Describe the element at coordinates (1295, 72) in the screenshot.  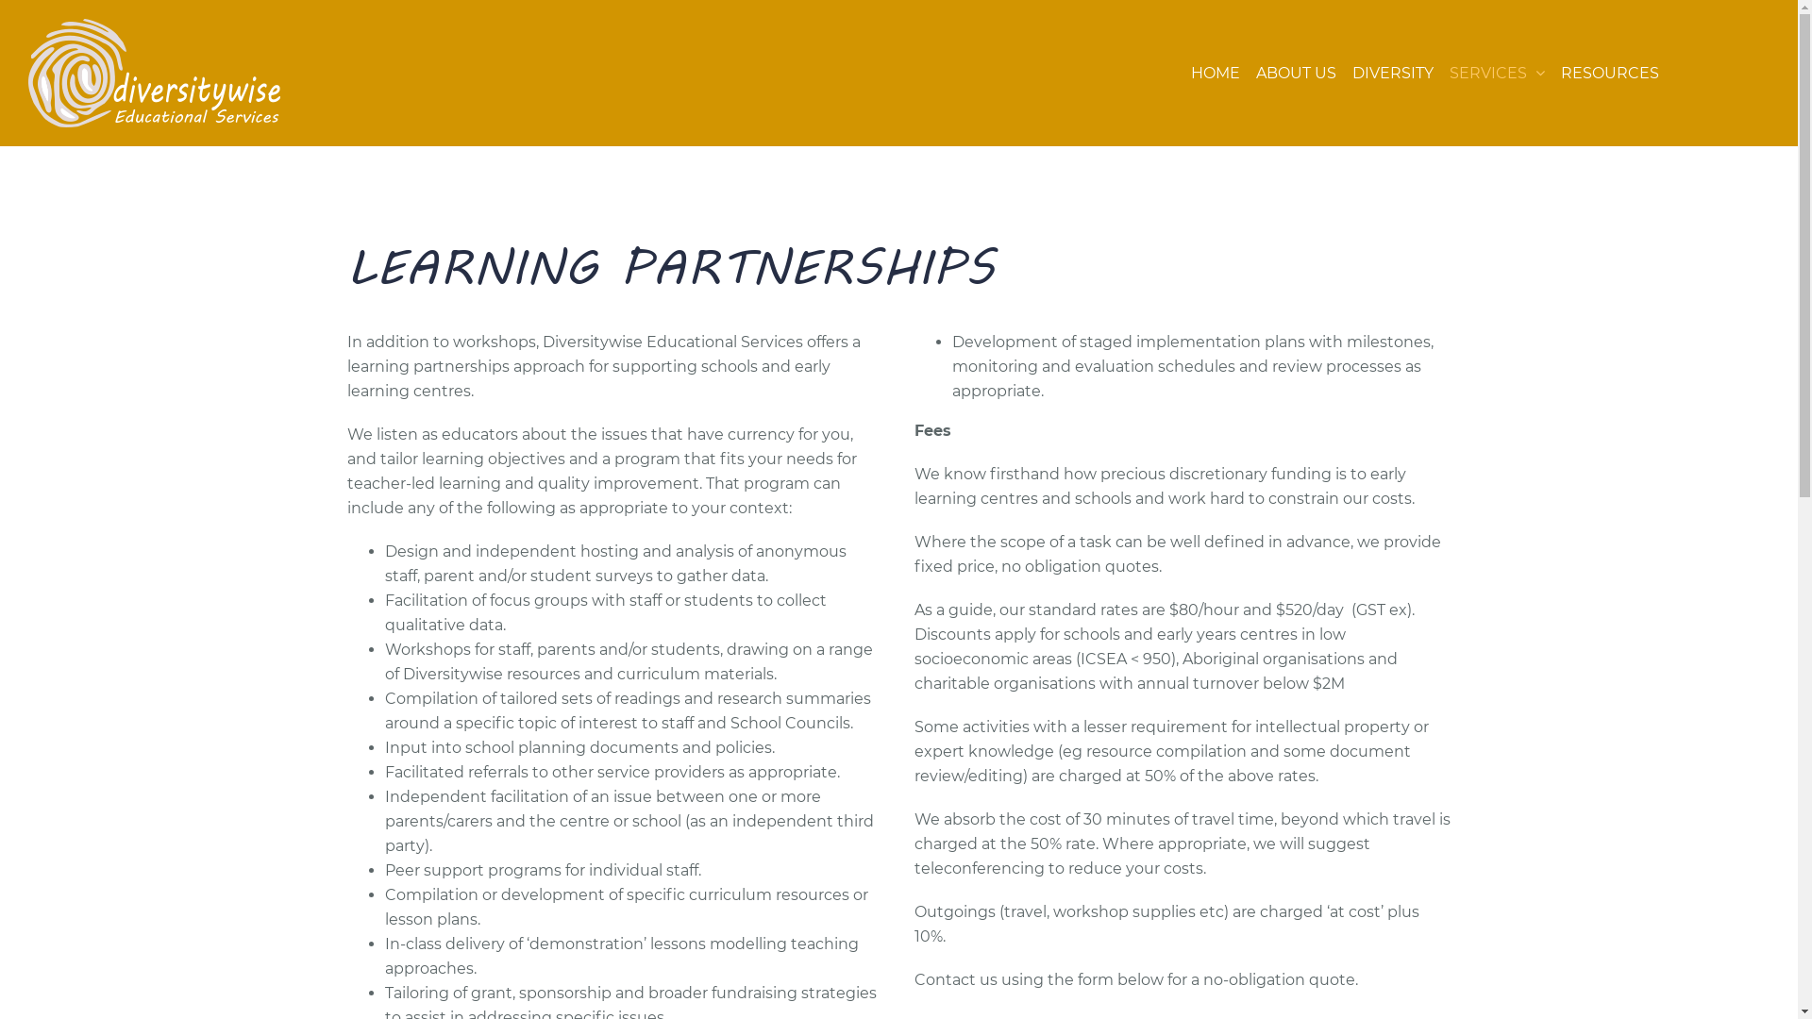
I see `'ABOUT US'` at that location.